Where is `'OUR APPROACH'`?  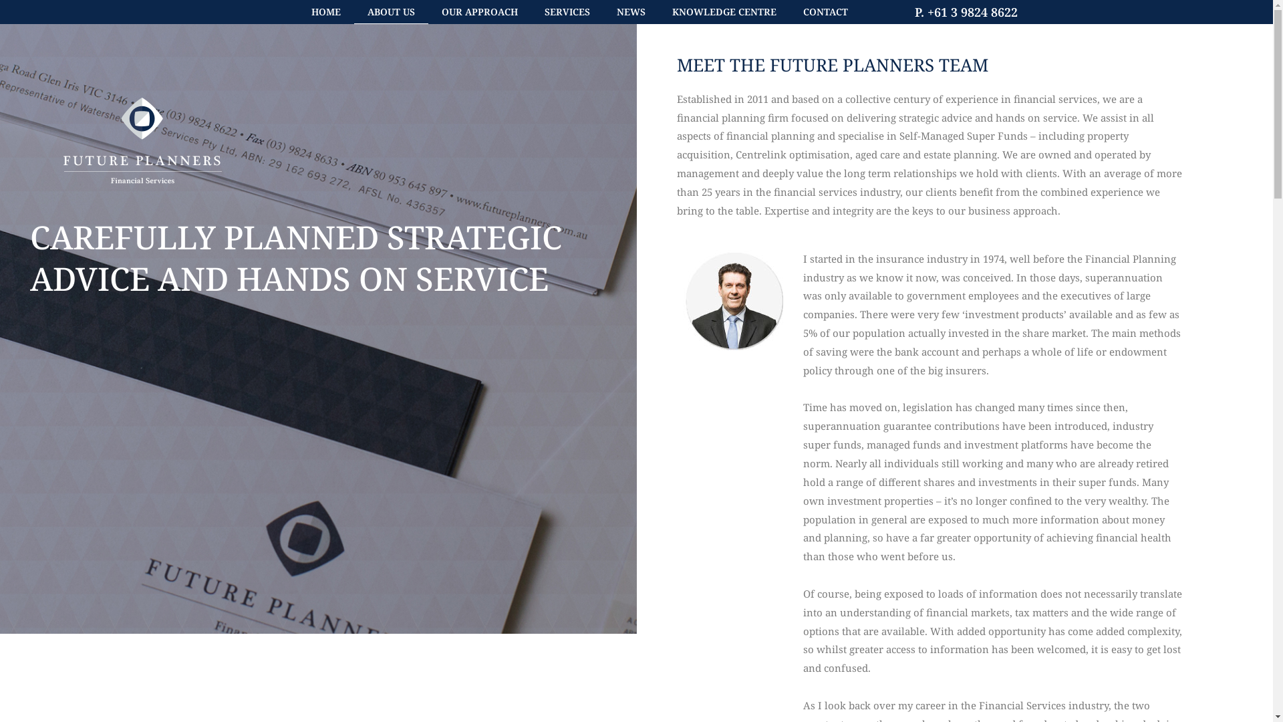 'OUR APPROACH' is located at coordinates (478, 12).